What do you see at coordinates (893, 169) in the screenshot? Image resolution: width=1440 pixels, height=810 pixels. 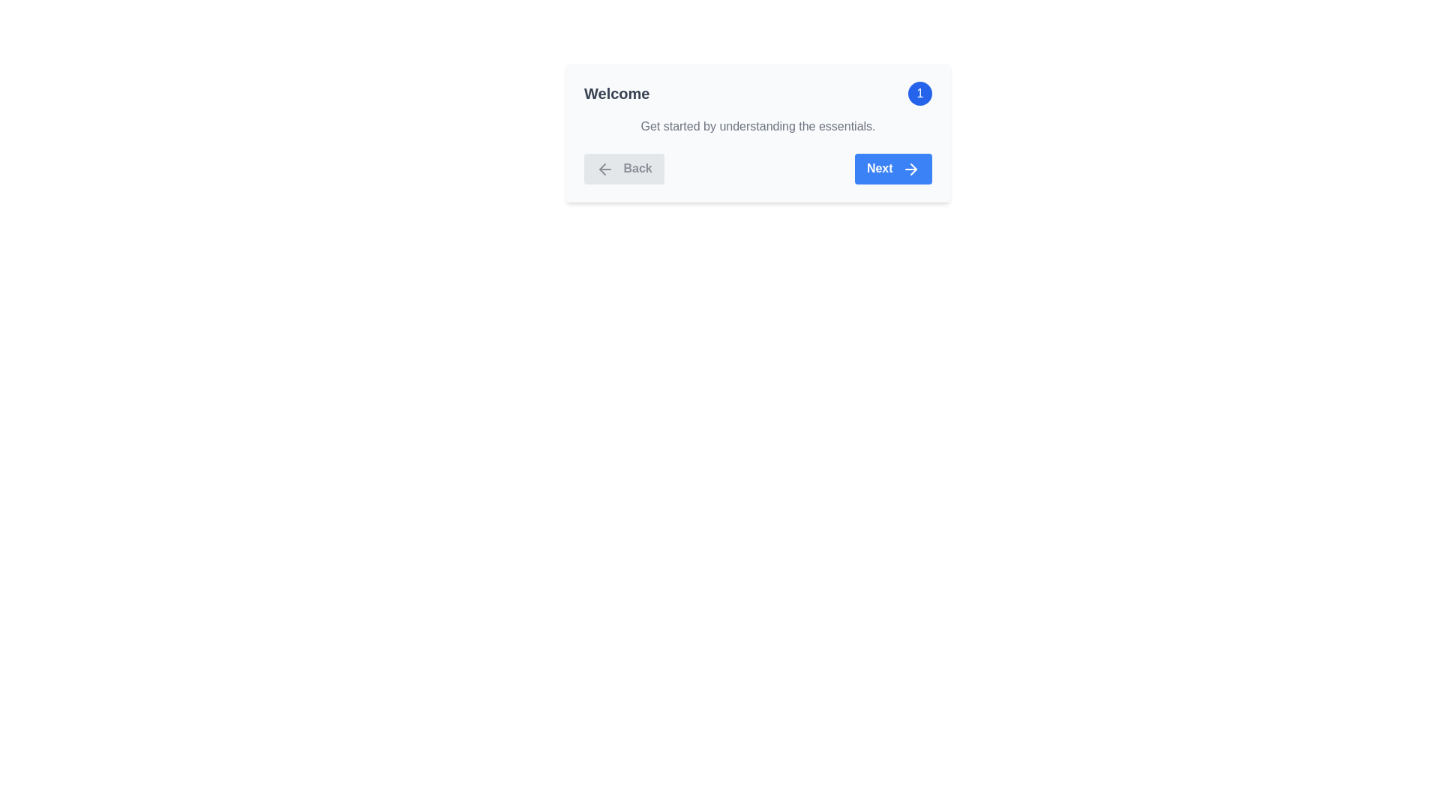 I see `the 'Next' button located at the bottom-right section of the interface to observe a styling change` at bounding box center [893, 169].